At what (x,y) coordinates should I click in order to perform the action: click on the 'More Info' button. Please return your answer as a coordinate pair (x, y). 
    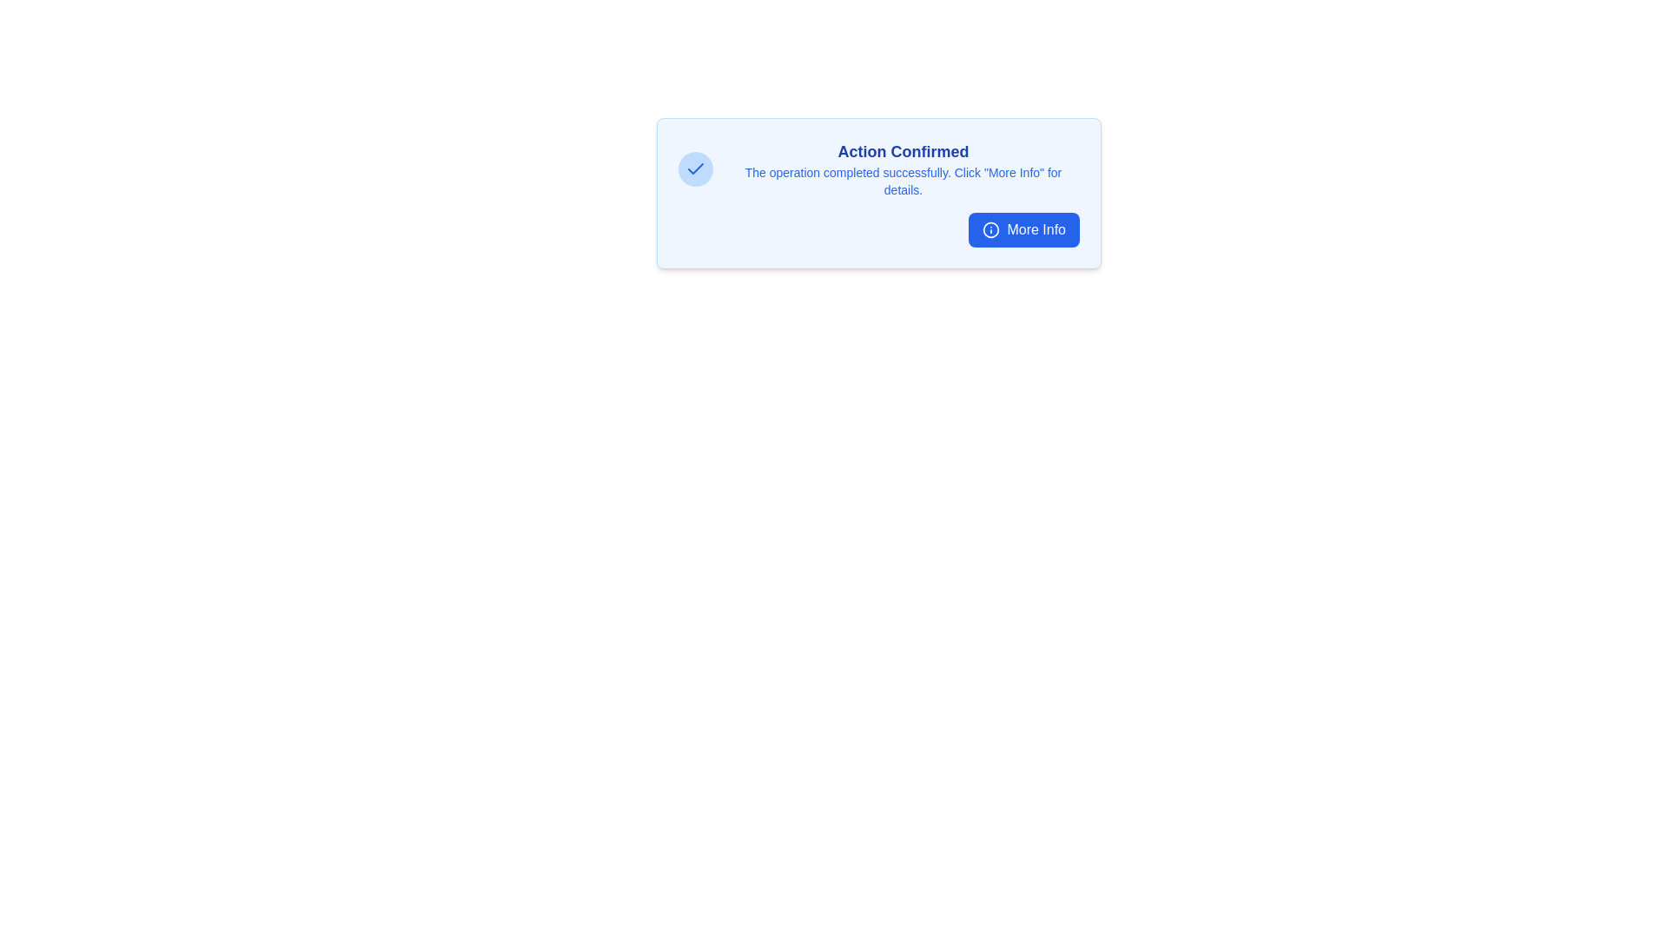
    Looking at the image, I should click on (1024, 229).